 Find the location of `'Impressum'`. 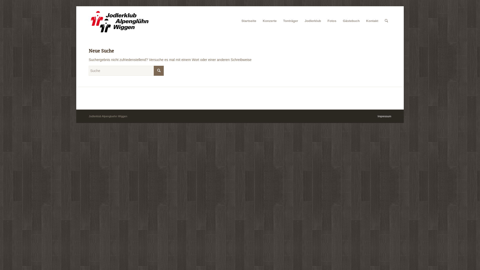

'Impressum' is located at coordinates (378, 116).